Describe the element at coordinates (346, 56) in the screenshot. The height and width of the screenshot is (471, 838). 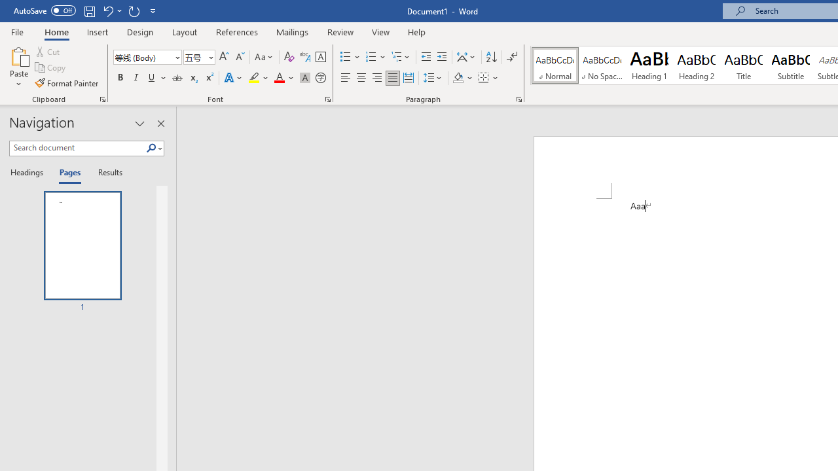
I see `'Bullets'` at that location.